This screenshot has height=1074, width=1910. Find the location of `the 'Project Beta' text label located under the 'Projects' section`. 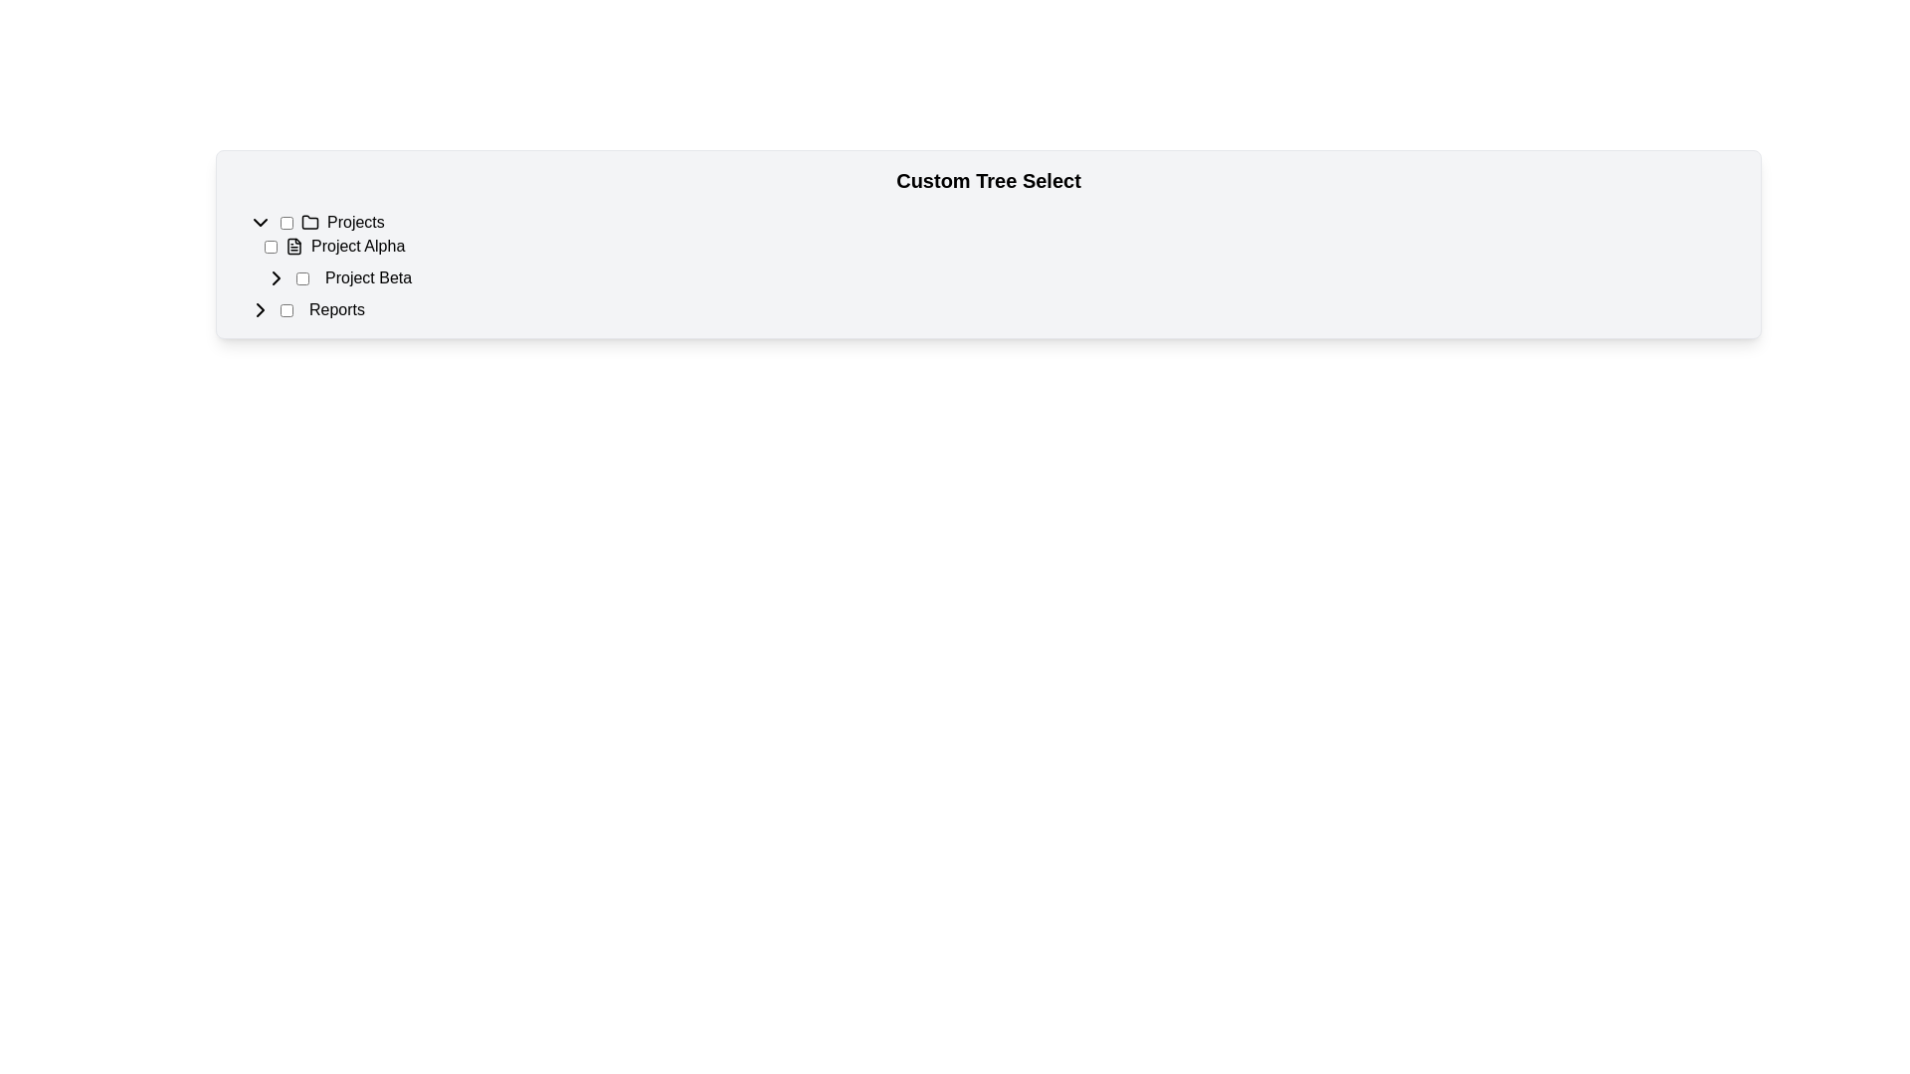

the 'Project Beta' text label located under the 'Projects' section is located at coordinates (368, 278).